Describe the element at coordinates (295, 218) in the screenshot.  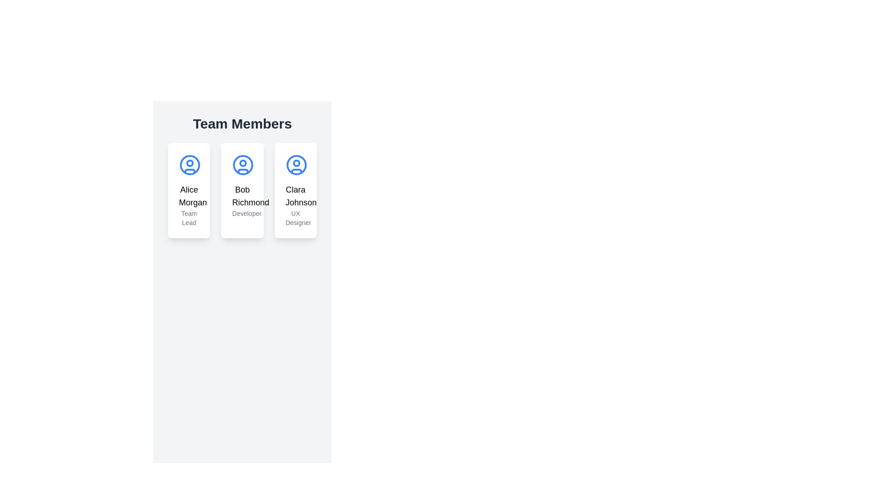
I see `the text label displaying 'UX Designer' in gray color, located at the bottom of Clara Johnson's card` at that location.